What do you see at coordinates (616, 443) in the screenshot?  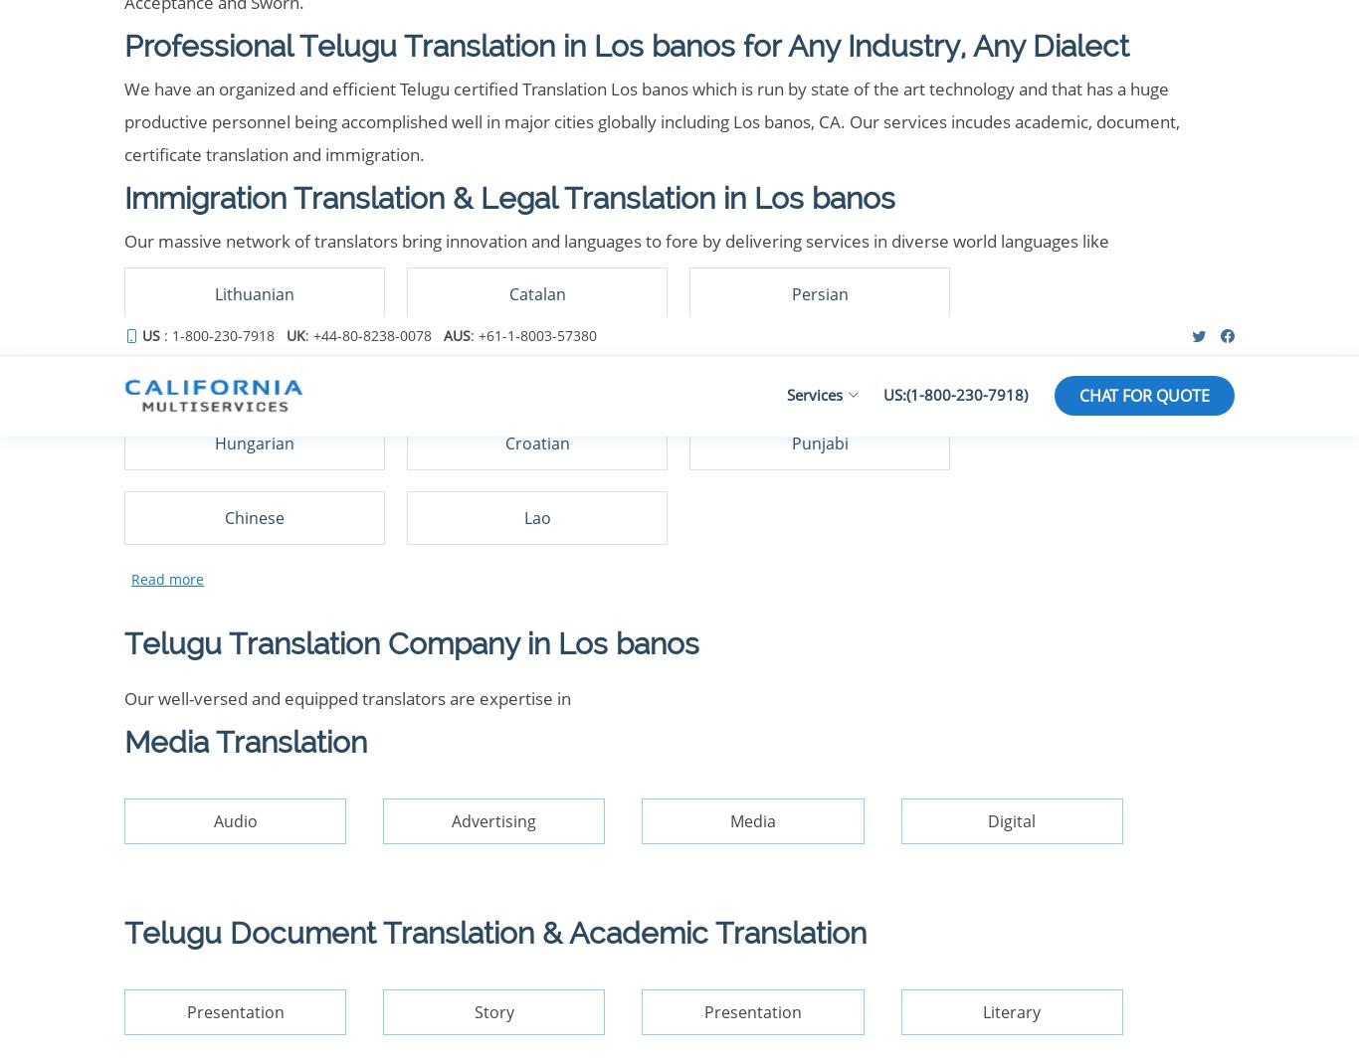 I see `'UK'` at bounding box center [616, 443].